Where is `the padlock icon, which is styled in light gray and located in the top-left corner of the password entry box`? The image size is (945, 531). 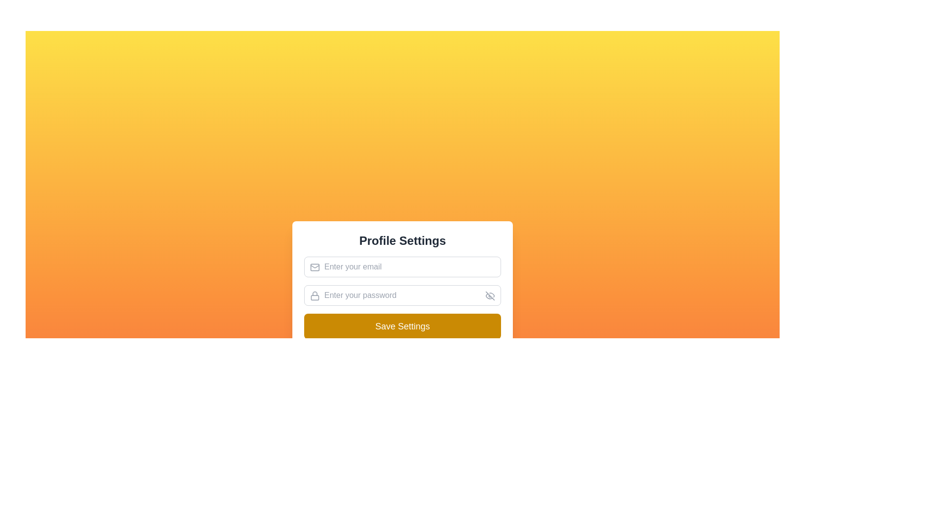
the padlock icon, which is styled in light gray and located in the top-left corner of the password entry box is located at coordinates (314, 295).